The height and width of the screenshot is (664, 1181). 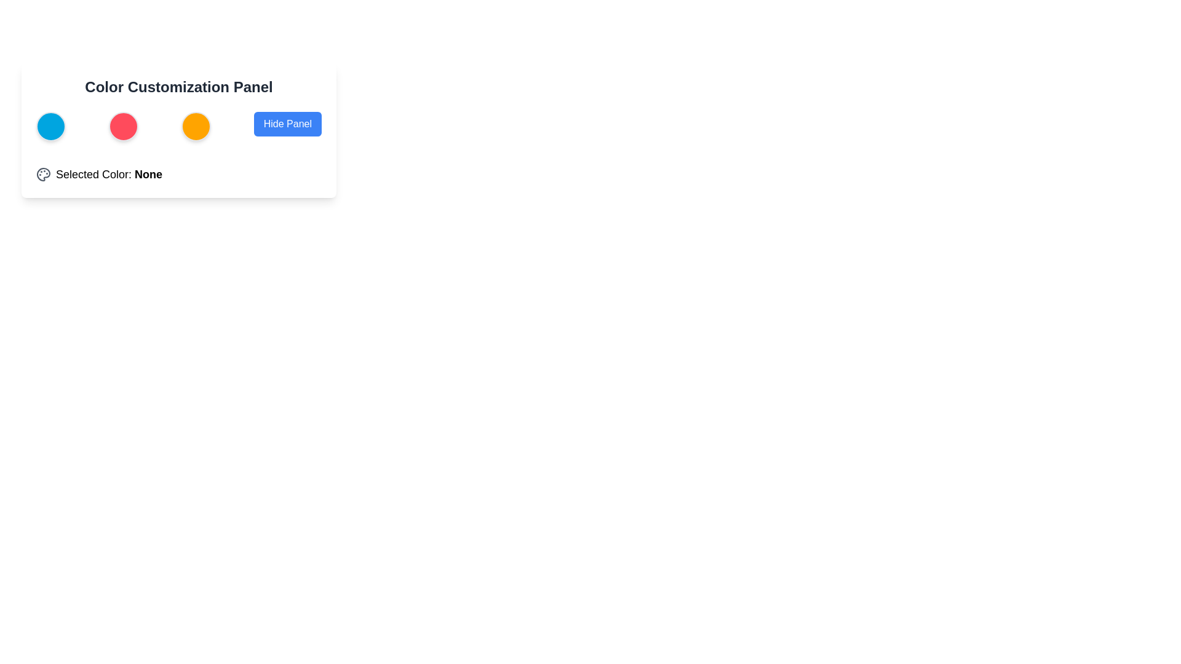 I want to click on the third circular color selection button in the Color Customization Panel, so click(x=178, y=126).